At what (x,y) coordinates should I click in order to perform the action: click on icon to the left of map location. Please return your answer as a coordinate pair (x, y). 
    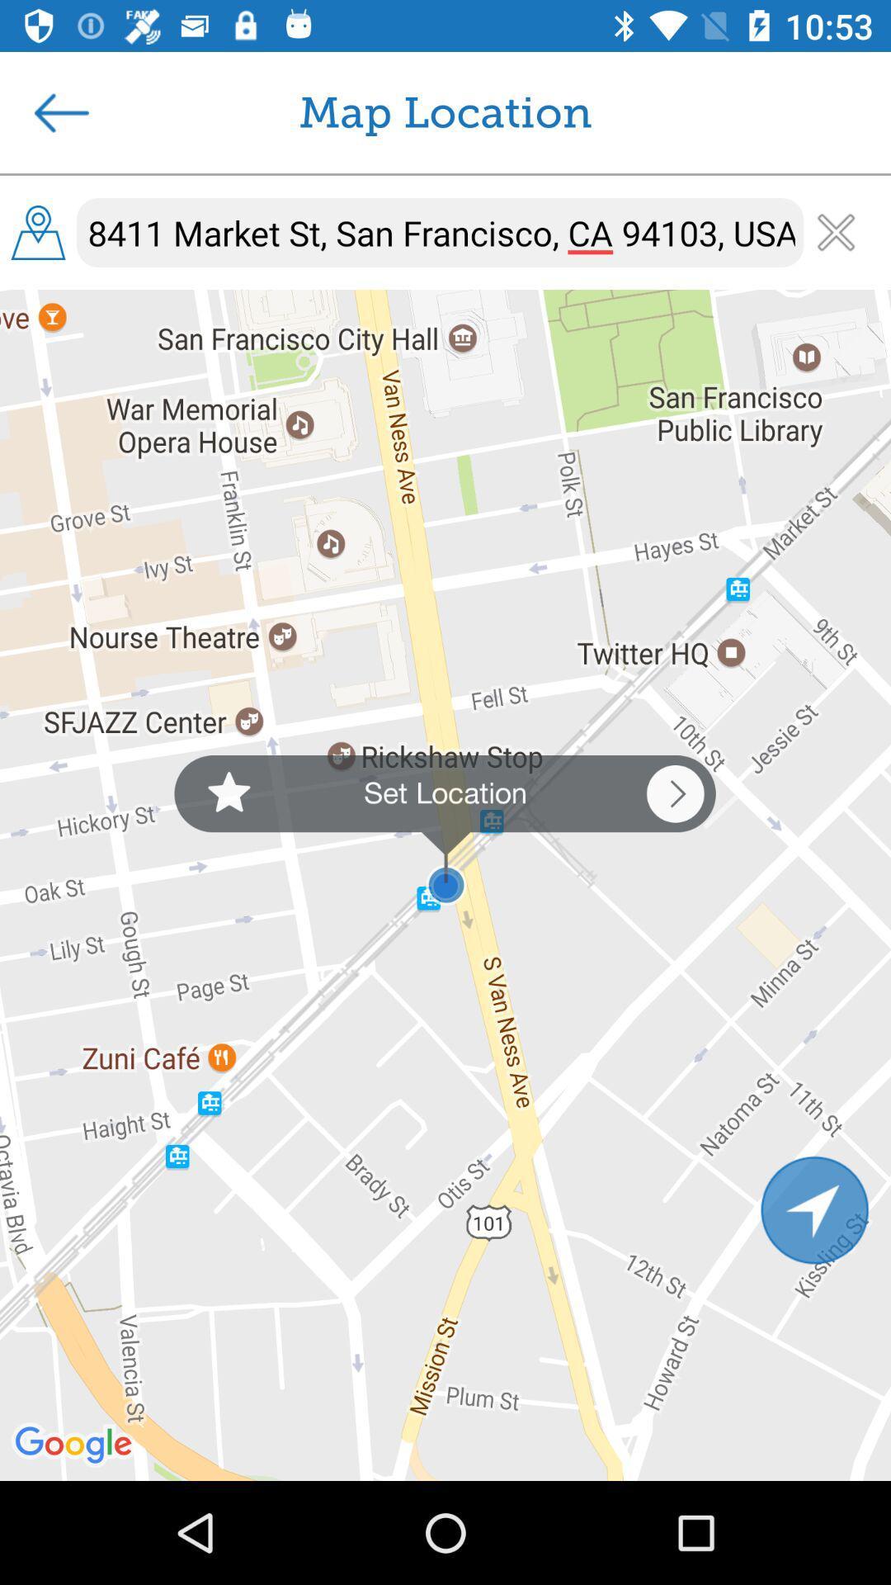
    Looking at the image, I should click on (60, 111).